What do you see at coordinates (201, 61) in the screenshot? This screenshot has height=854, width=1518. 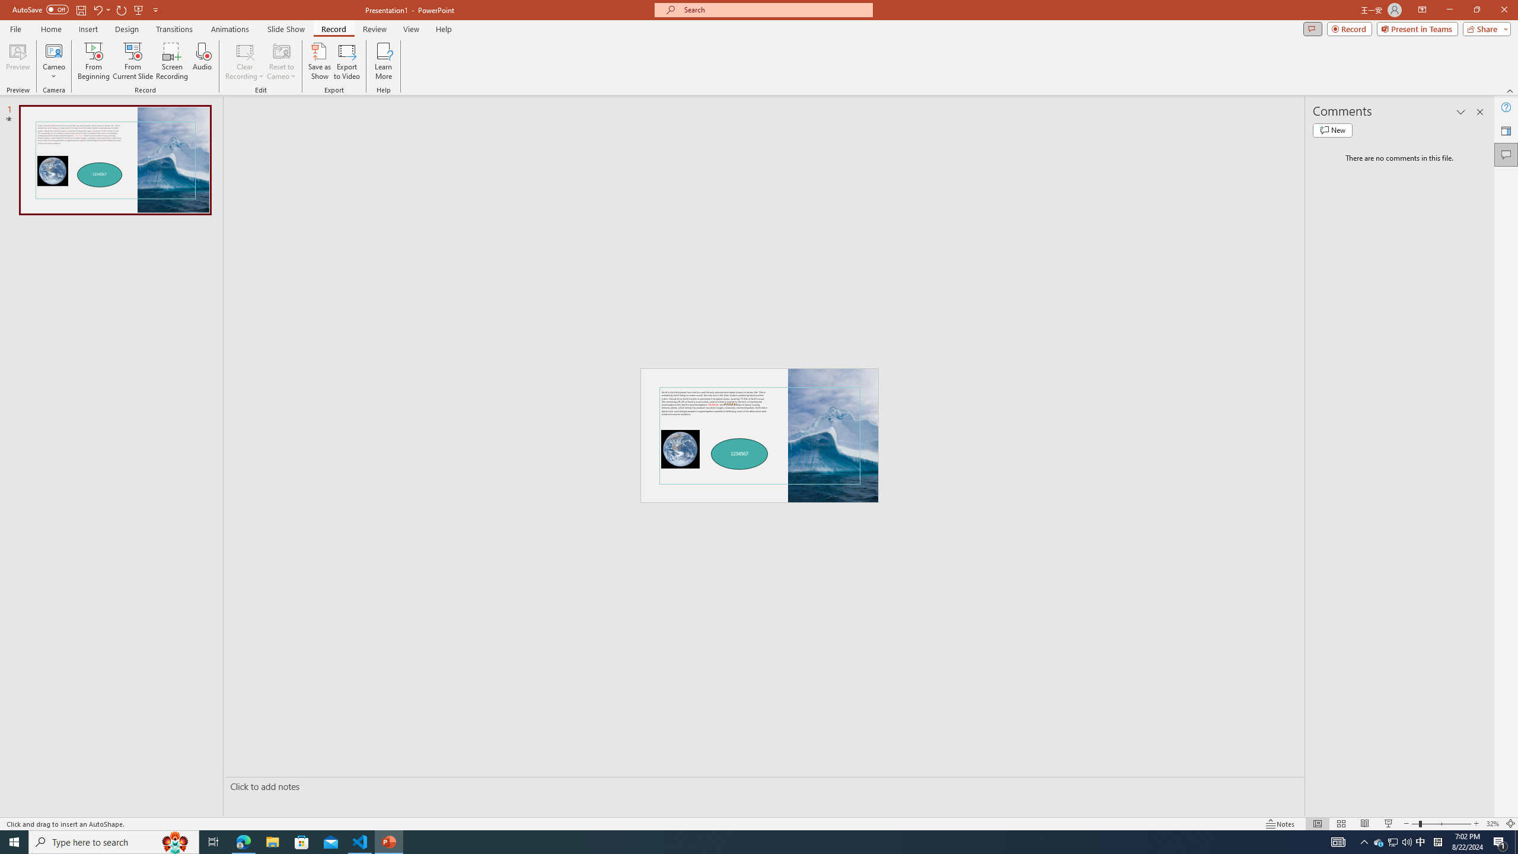 I see `'Audio'` at bounding box center [201, 61].